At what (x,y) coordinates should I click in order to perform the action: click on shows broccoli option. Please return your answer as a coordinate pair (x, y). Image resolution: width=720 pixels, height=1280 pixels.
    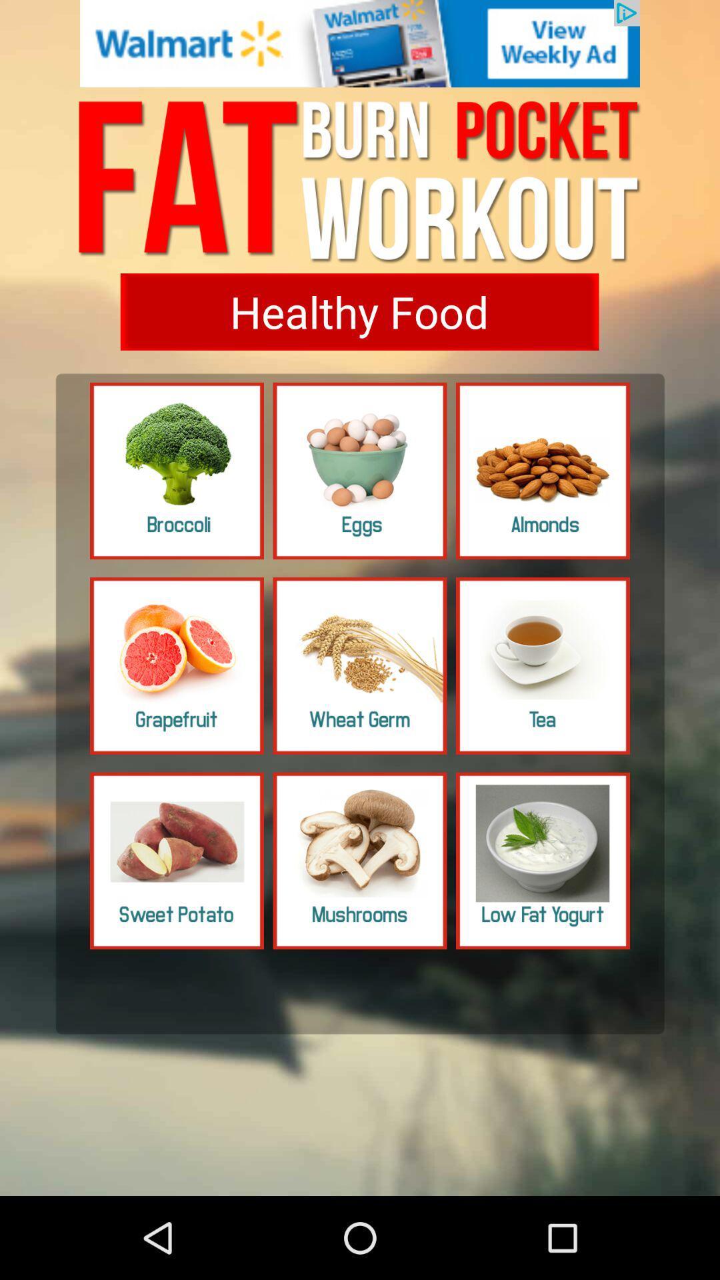
    Looking at the image, I should click on (176, 471).